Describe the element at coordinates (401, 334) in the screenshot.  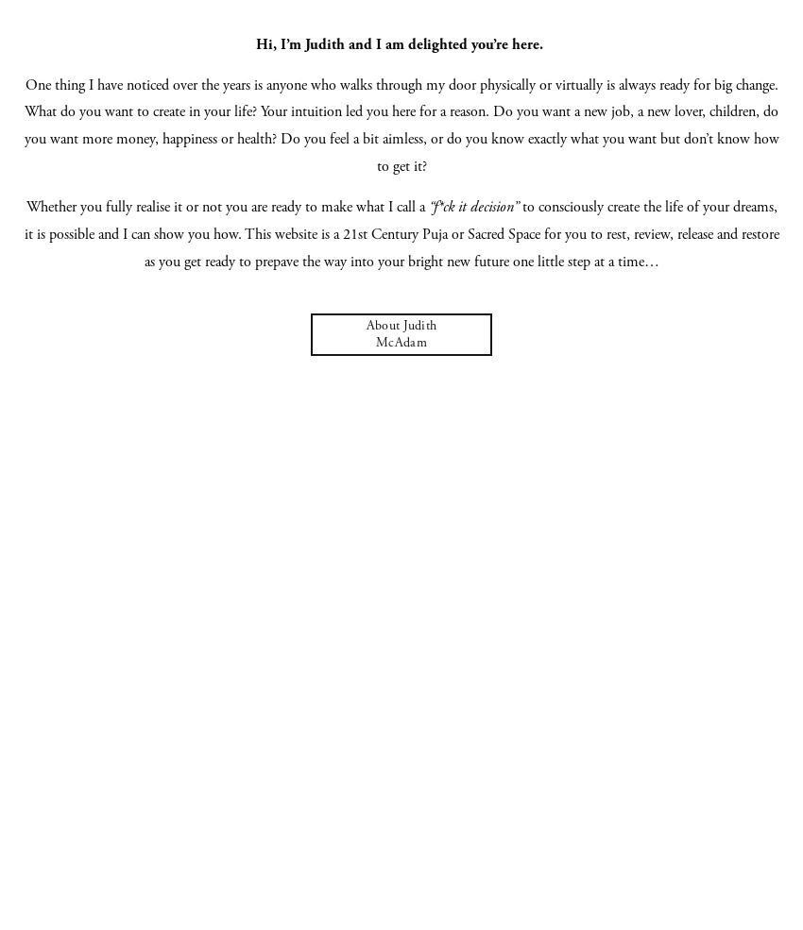
I see `'About Judith McAdam'` at that location.